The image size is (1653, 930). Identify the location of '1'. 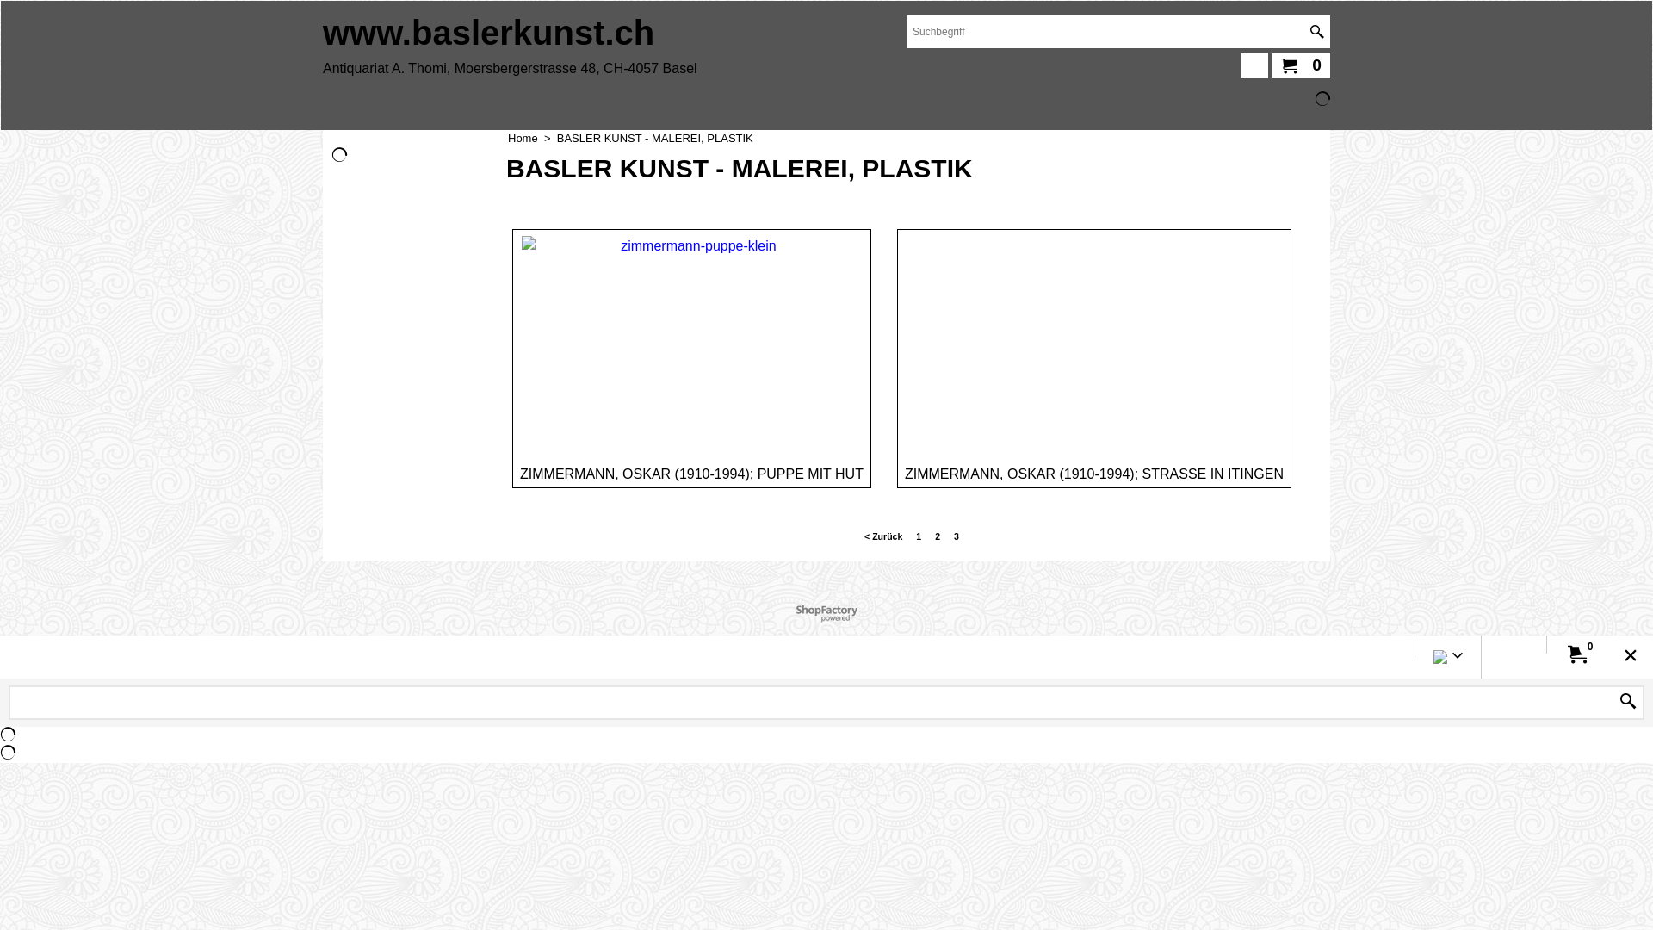
(917, 536).